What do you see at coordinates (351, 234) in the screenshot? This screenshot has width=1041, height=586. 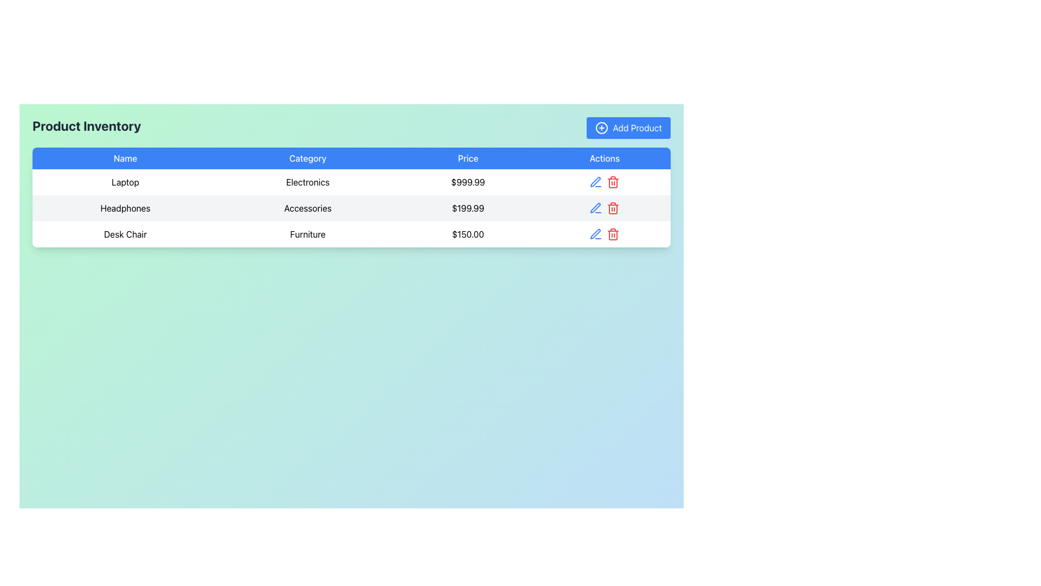 I see `the third row of the inventory table, which displays product information including name, category, and price, located below the rows for 'Laptop' and 'Headphones'` at bounding box center [351, 234].